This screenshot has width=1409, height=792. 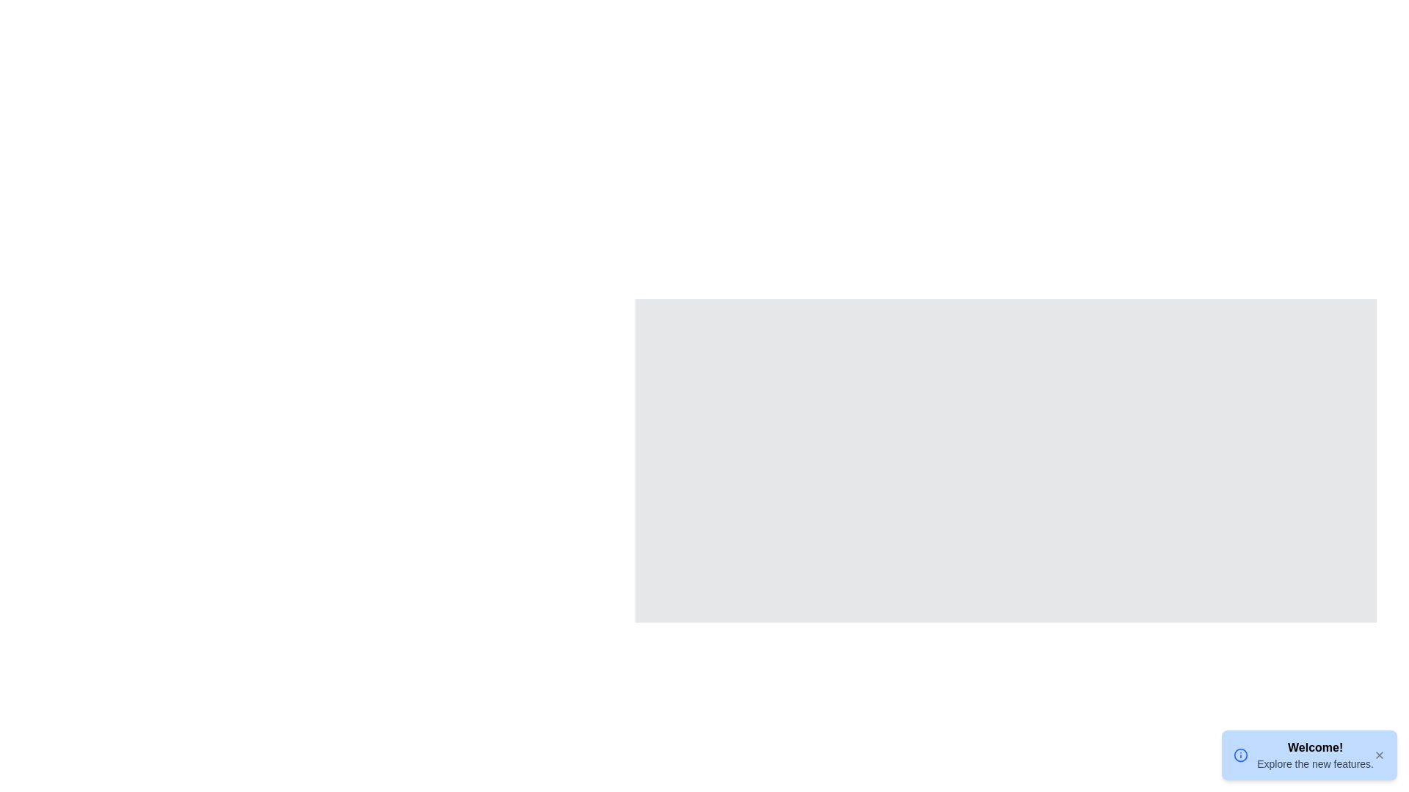 I want to click on the close button located at the top-right corner of the notification box, so click(x=1379, y=755).